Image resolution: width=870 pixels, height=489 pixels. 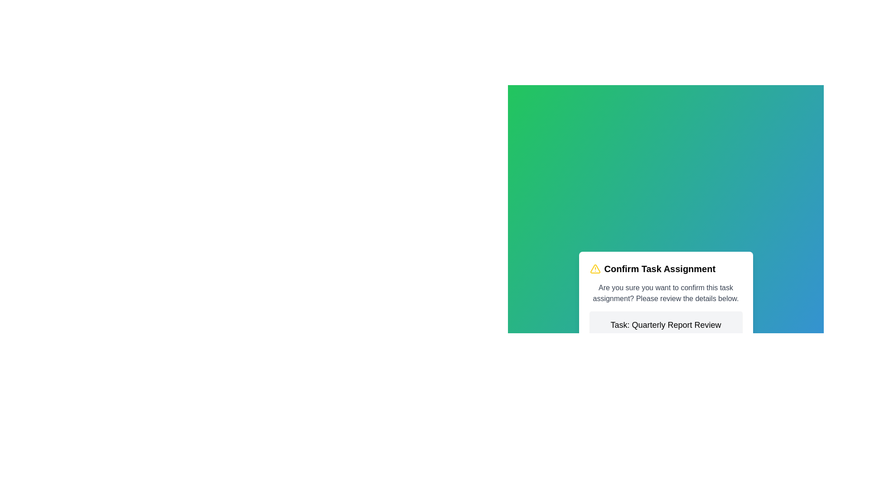 I want to click on bold header text labeled 'Confirm Task Assignment' displayed prominently within the modal interface, so click(x=660, y=268).